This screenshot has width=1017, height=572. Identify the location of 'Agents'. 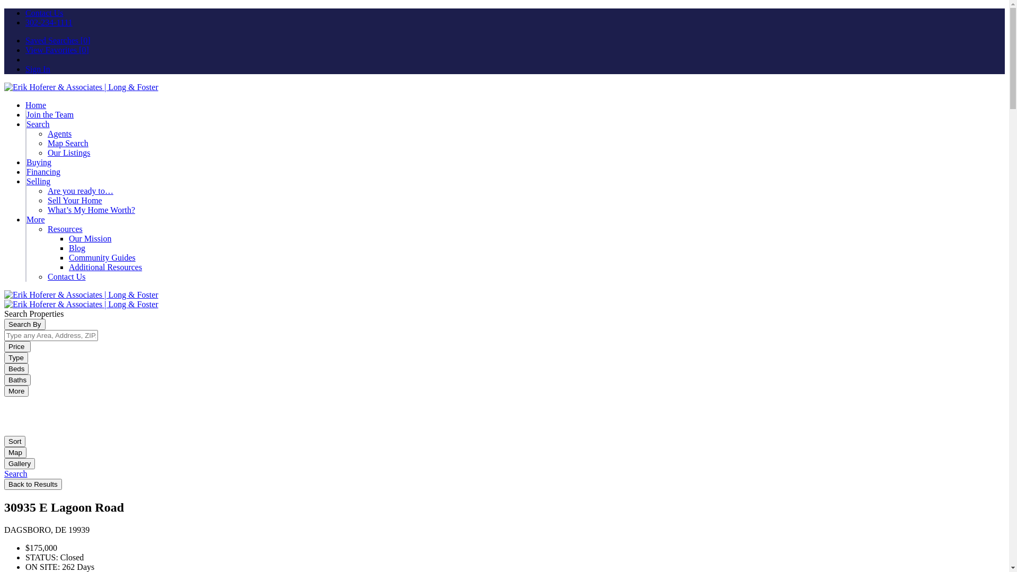
(59, 133).